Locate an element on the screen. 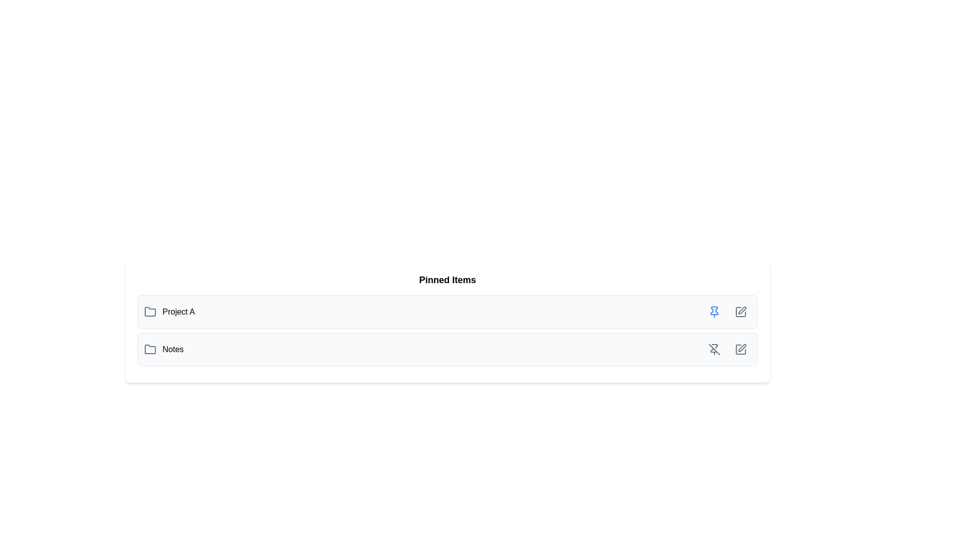  the pinning icon located in the upper-right section of the row for 'Project A' is located at coordinates (713, 310).